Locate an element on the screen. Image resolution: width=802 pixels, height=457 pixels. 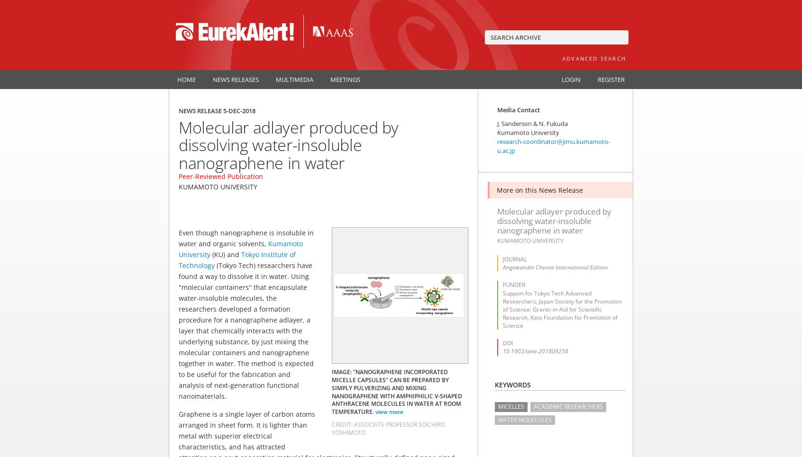
'J. Sanderson & N. Fukuda' is located at coordinates (497, 124).